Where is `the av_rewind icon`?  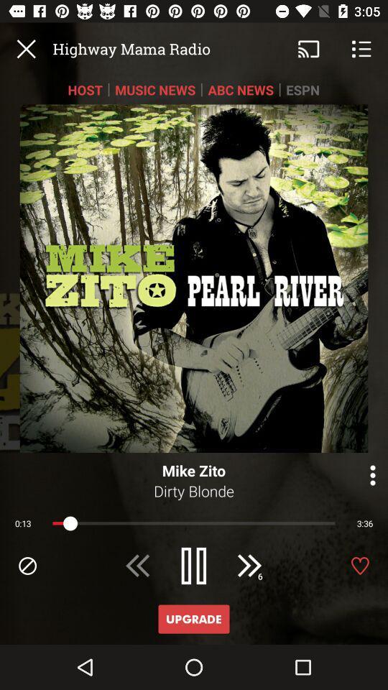 the av_rewind icon is located at coordinates (138, 566).